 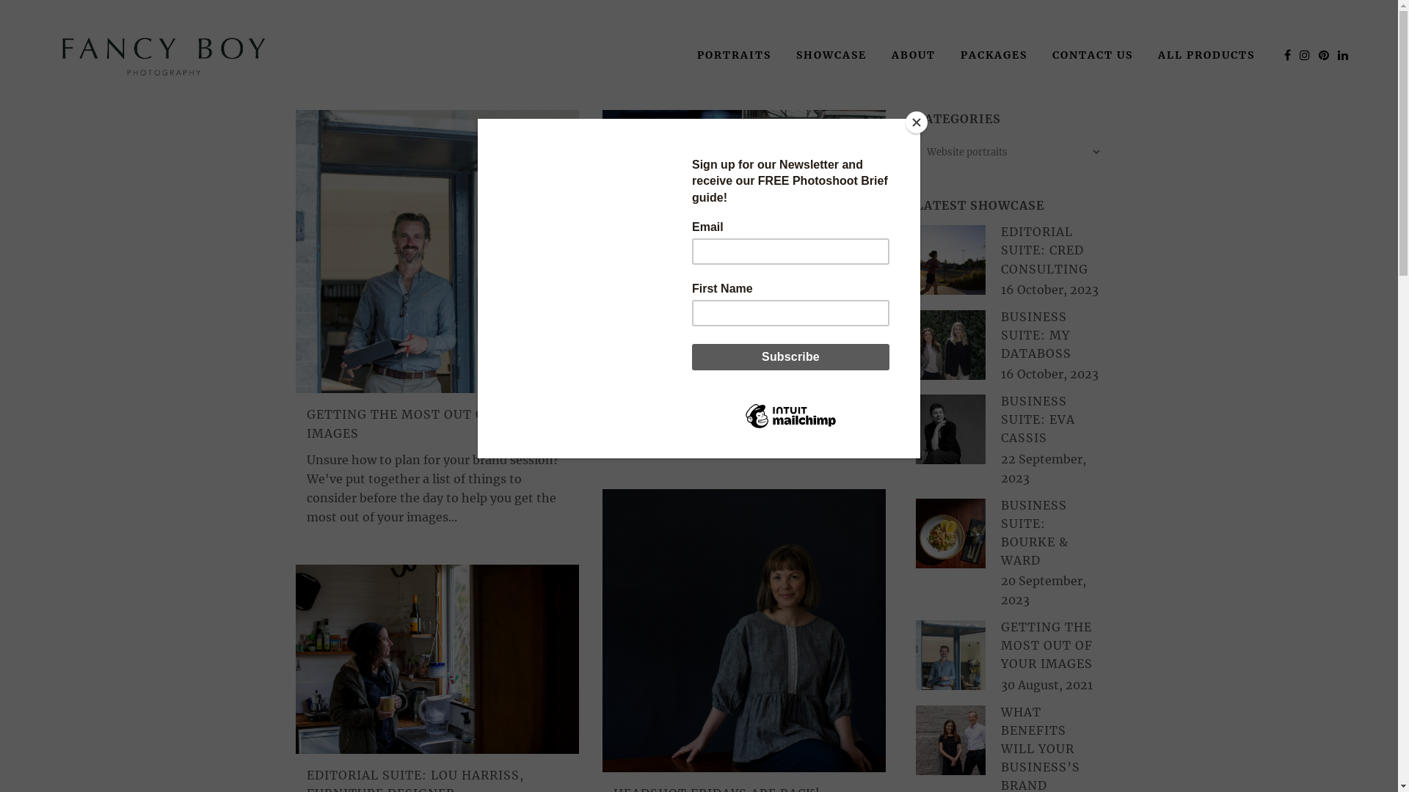 I want to click on 'BUSINESS SUITE: BOURKE & WARD', so click(x=1034, y=532).